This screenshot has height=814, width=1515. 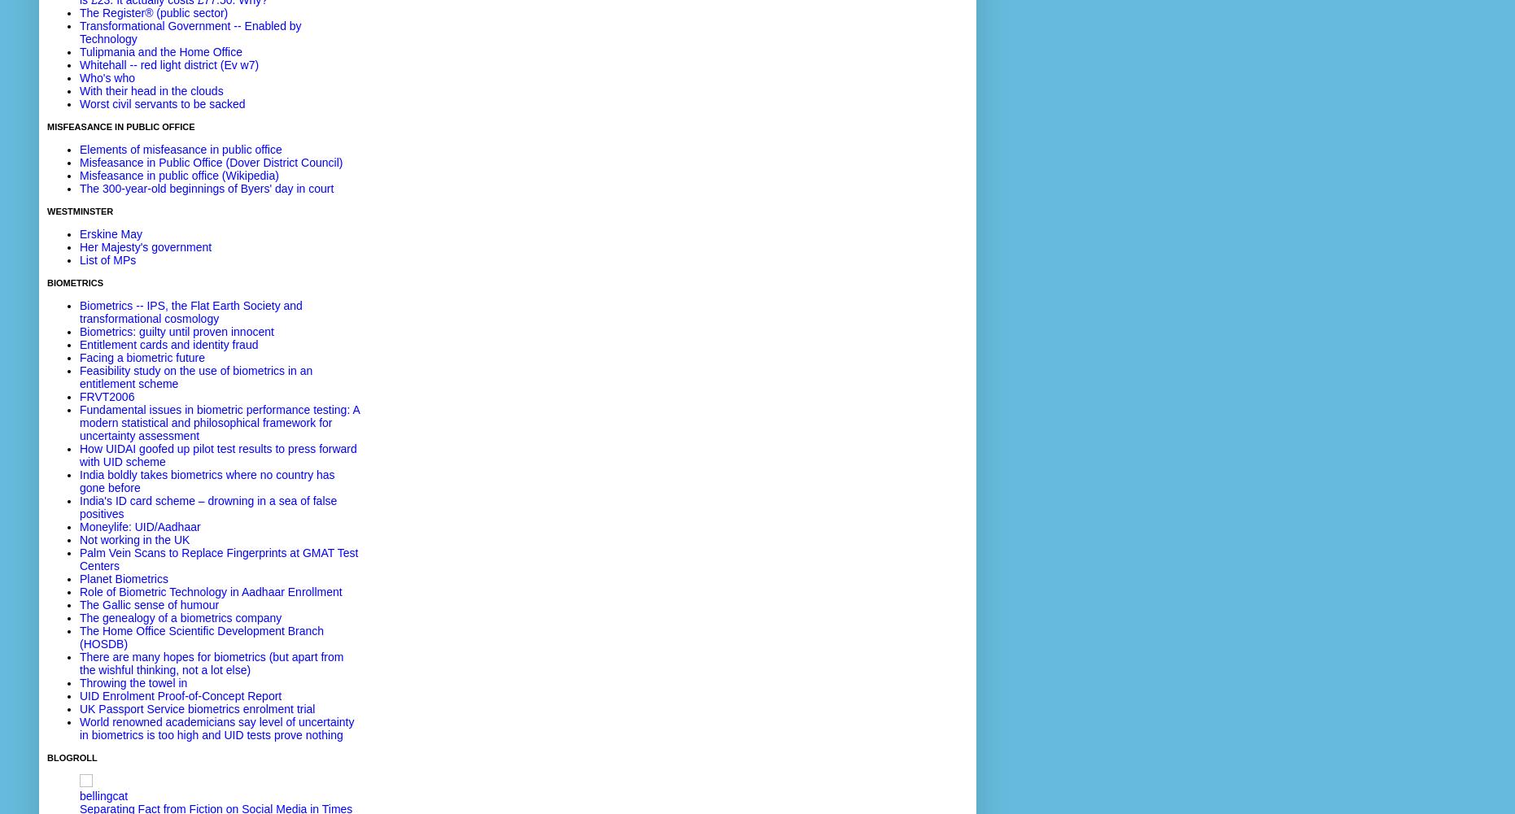 I want to click on 'Entitlement cards and identity fraud', so click(x=168, y=344).